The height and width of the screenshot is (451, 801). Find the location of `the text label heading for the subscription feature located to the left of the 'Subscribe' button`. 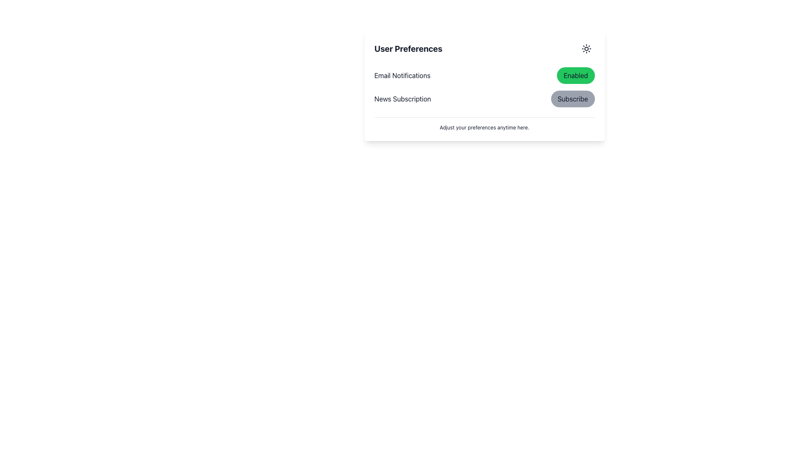

the text label heading for the subscription feature located to the left of the 'Subscribe' button is located at coordinates (403, 98).